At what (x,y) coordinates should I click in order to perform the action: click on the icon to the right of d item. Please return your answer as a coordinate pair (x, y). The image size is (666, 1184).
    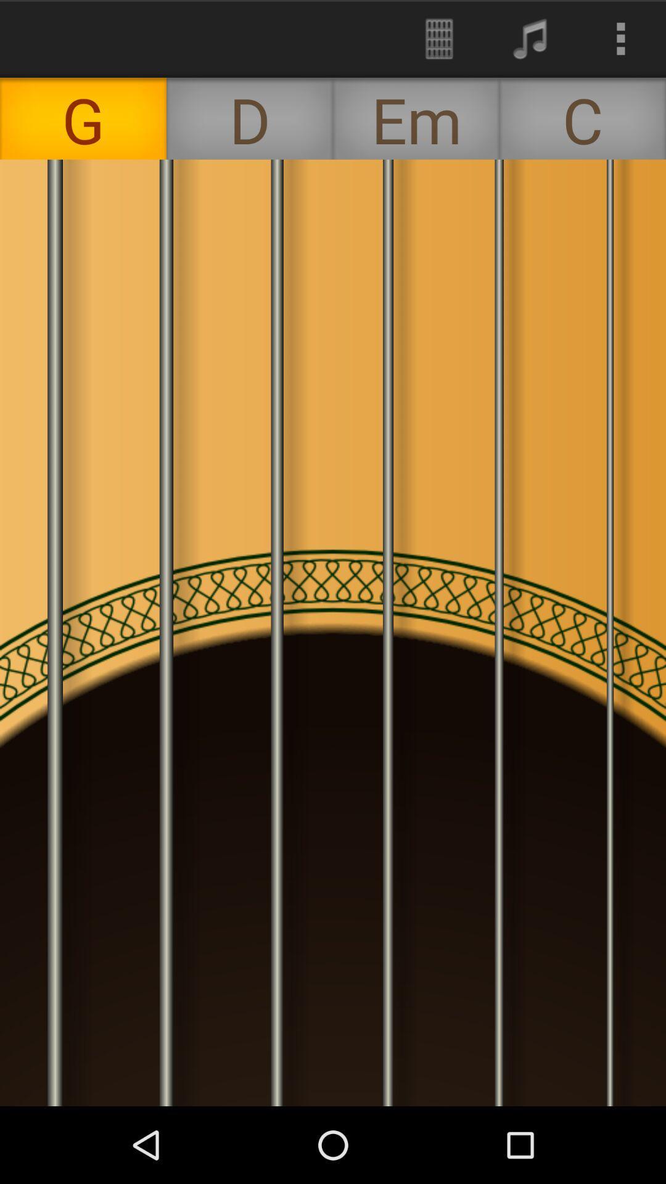
    Looking at the image, I should click on (438, 38).